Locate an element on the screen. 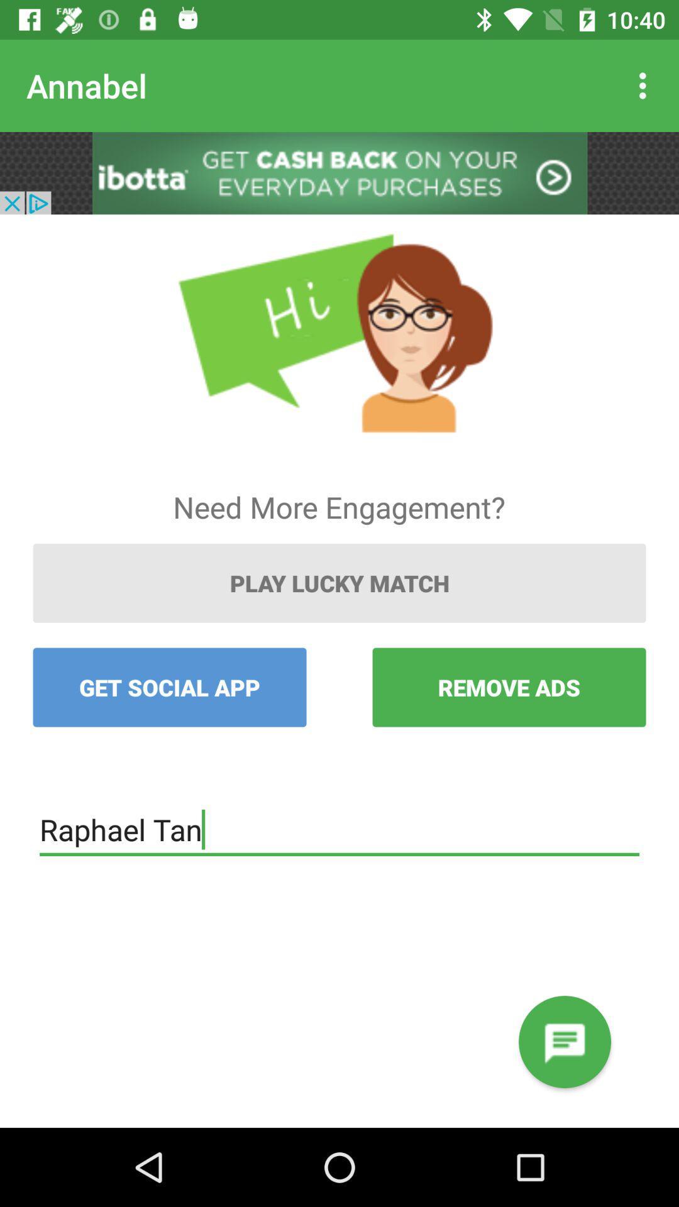  advertisement is located at coordinates (339, 172).